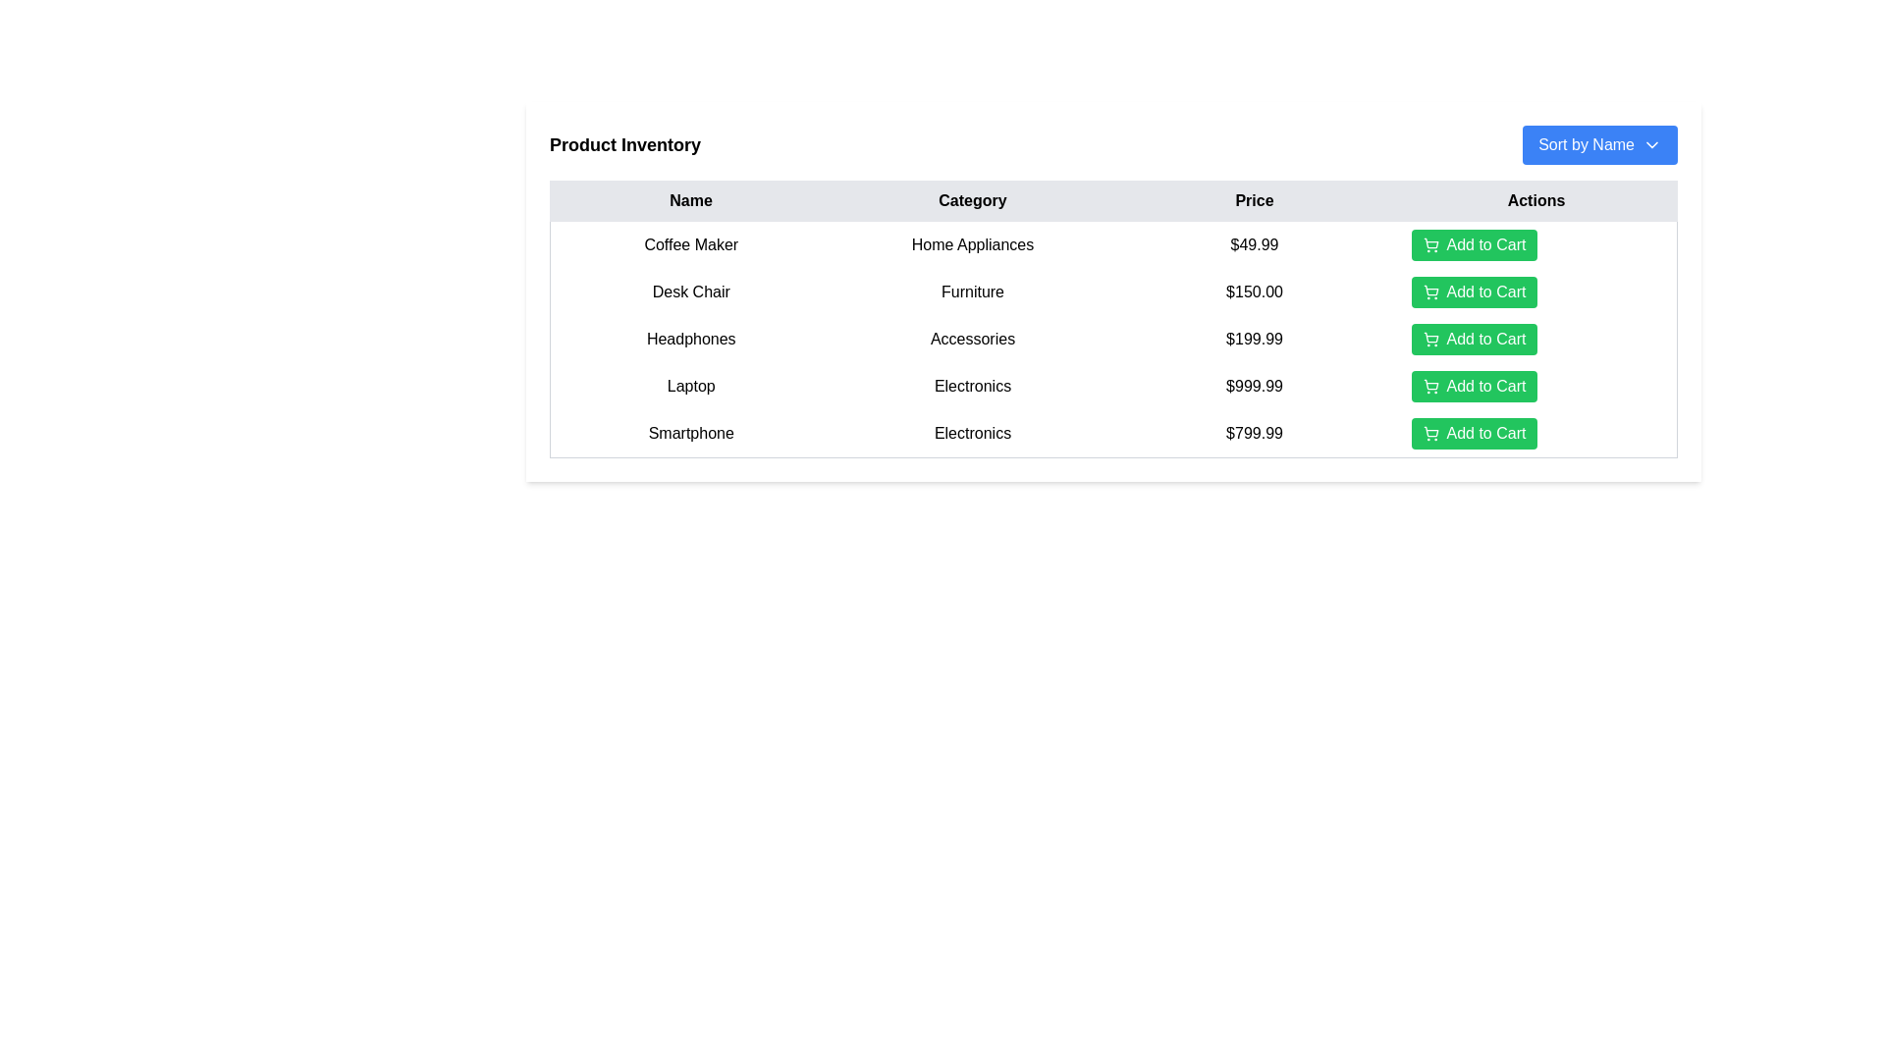 The image size is (1885, 1060). Describe the element at coordinates (1253, 243) in the screenshot. I see `the price text field for the 'Coffee Maker' product, located in the first row of the inventory table under the 'Price' heading` at that location.